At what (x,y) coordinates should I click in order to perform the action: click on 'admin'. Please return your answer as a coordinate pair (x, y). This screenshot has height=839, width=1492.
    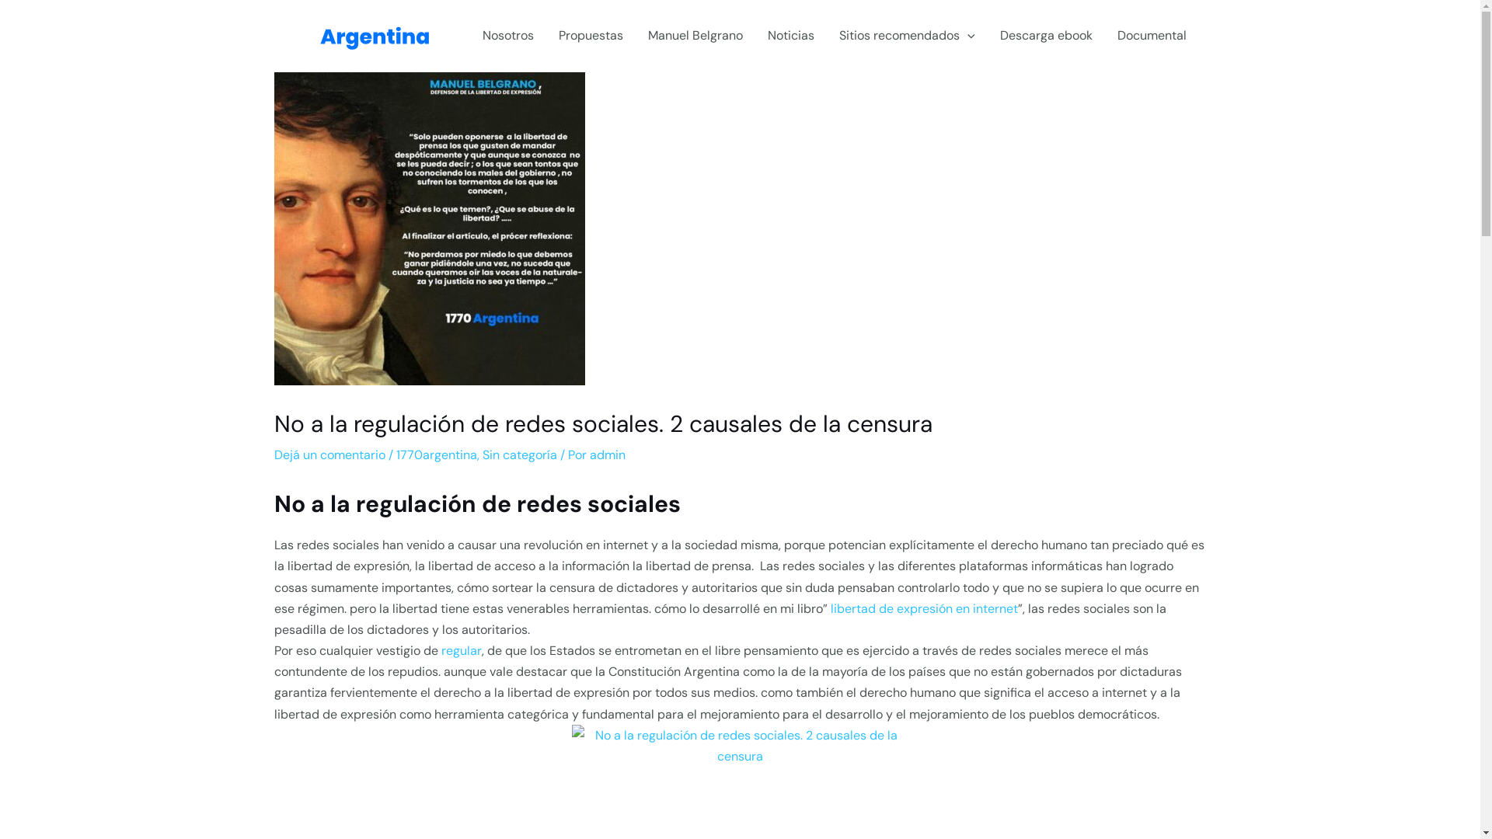
    Looking at the image, I should click on (606, 454).